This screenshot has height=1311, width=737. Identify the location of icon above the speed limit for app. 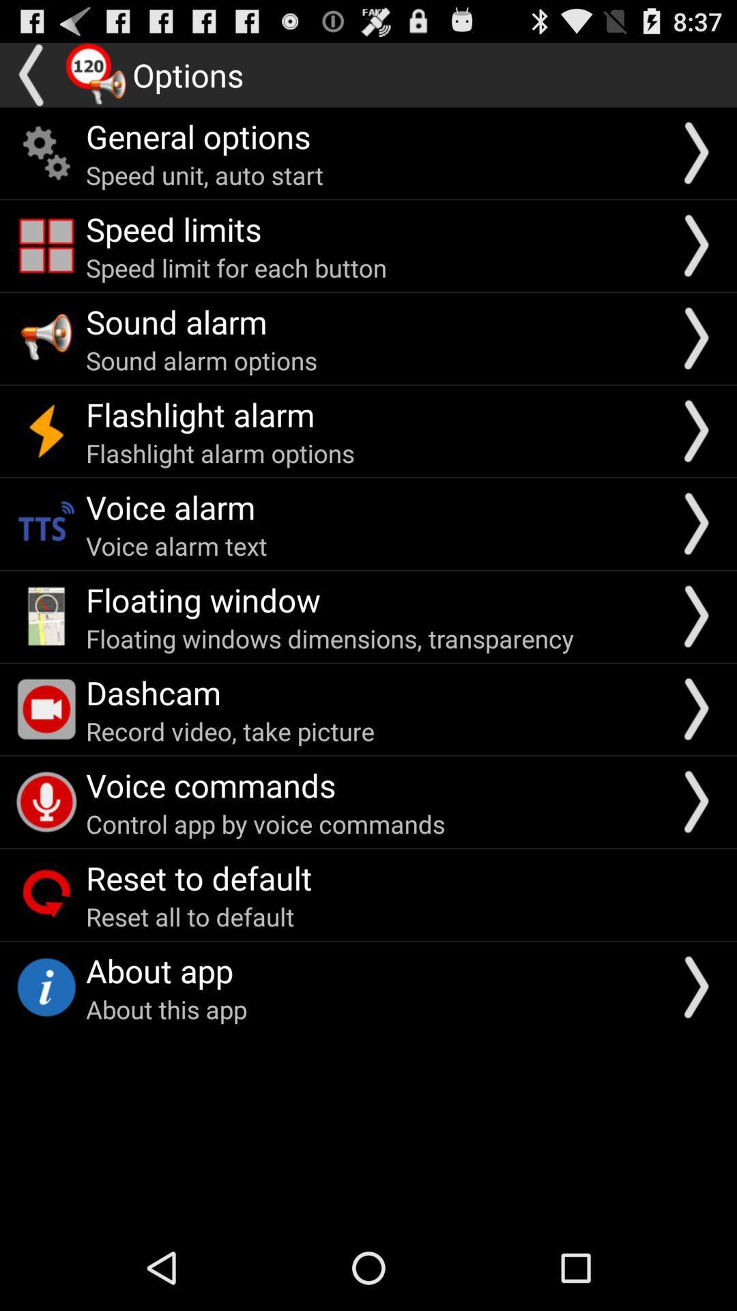
(173, 229).